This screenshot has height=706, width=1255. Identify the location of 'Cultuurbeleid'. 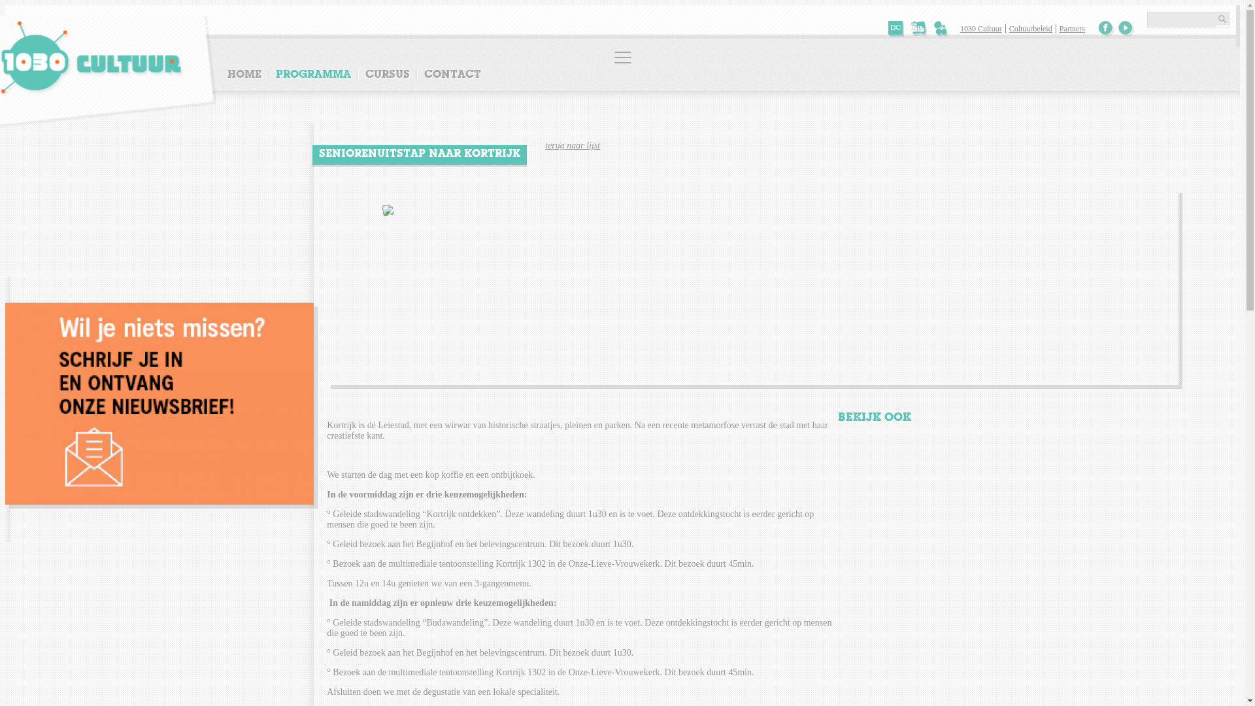
(1004, 28).